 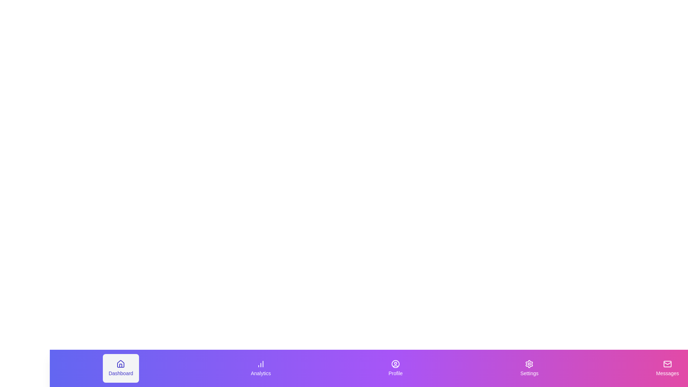 What do you see at coordinates (260, 368) in the screenshot?
I see `the tab labeled Analytics to see its visual feedback` at bounding box center [260, 368].